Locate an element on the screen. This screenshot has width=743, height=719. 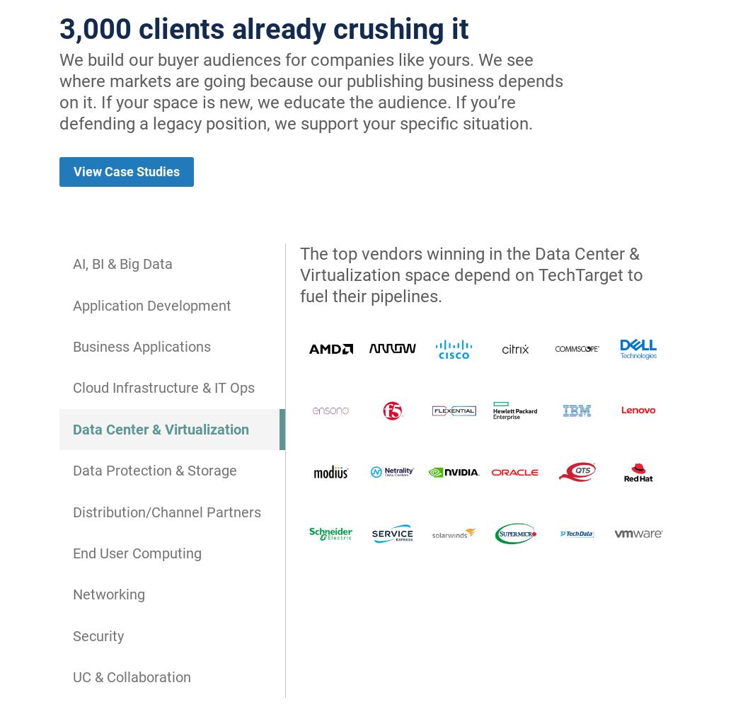
'The top vendors winning in the Data Center & Virtualization space depend on TechTarget to fuel their pipelines.' is located at coordinates (471, 275).